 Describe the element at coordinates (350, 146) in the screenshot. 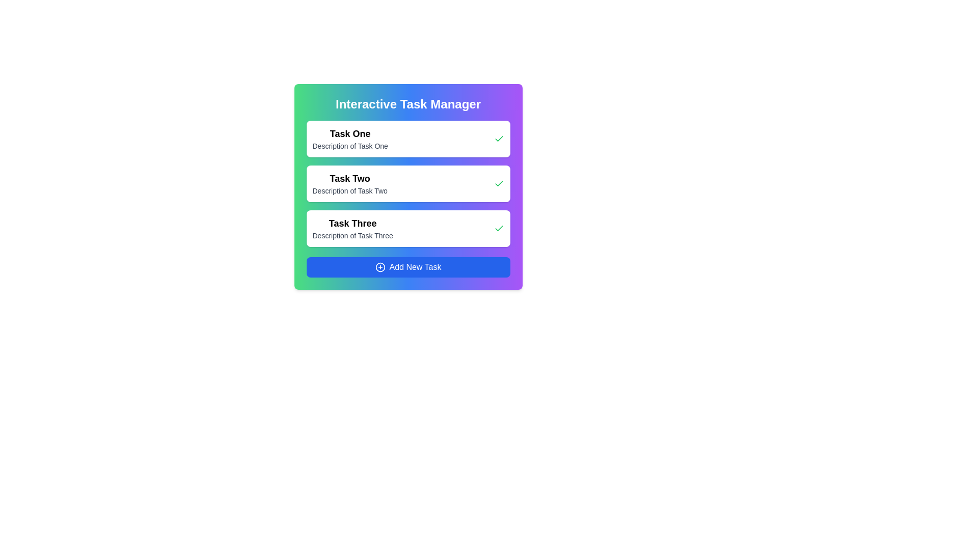

I see `the text label displaying 'Description of Task One', which is located below the title 'Task One' in the interface` at that location.